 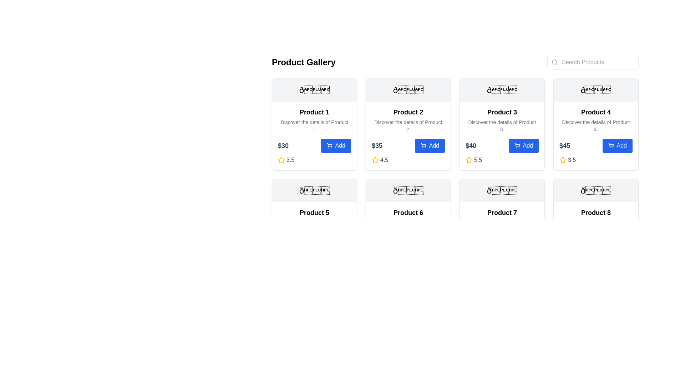 What do you see at coordinates (478, 159) in the screenshot?
I see `text displayed in the gray medium-weight font label that shows the value '5.5', positioned to the right of the star icon in the rating system component` at bounding box center [478, 159].